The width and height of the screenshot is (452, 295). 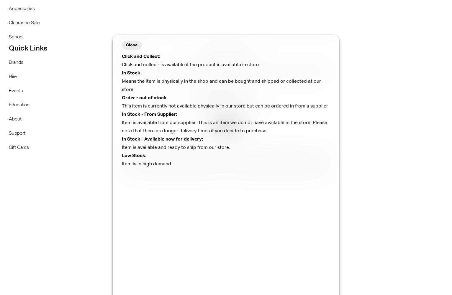 I want to click on 'Education', so click(x=19, y=105).